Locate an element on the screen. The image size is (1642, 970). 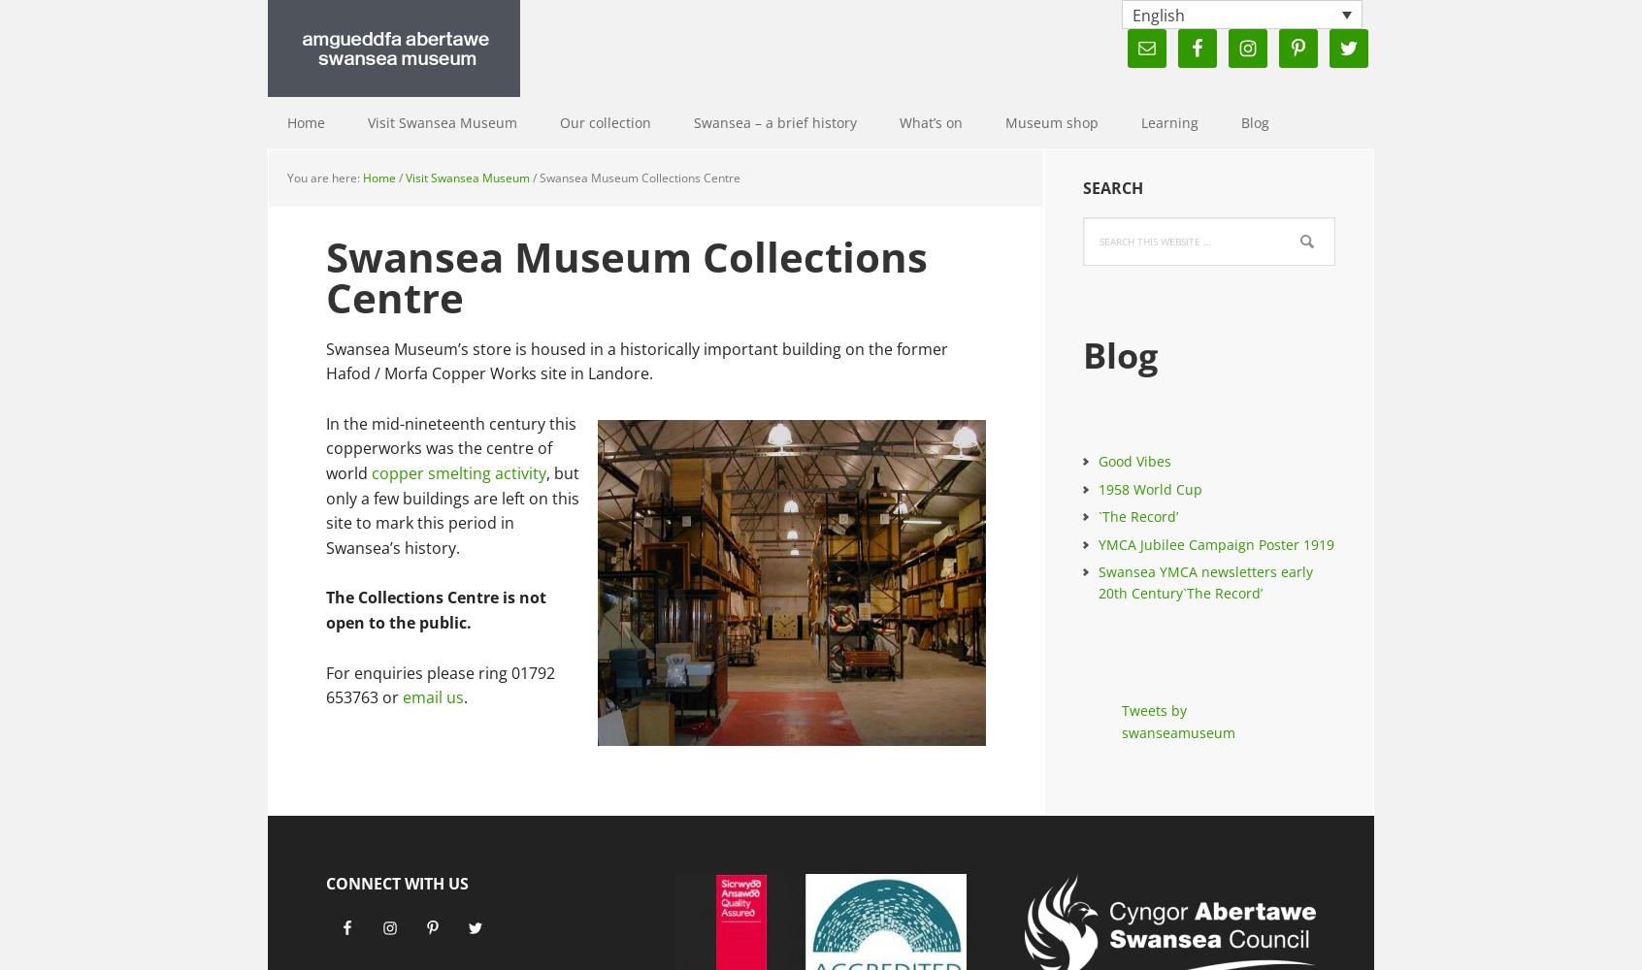
'Swansea – a brief history' is located at coordinates (693, 122).